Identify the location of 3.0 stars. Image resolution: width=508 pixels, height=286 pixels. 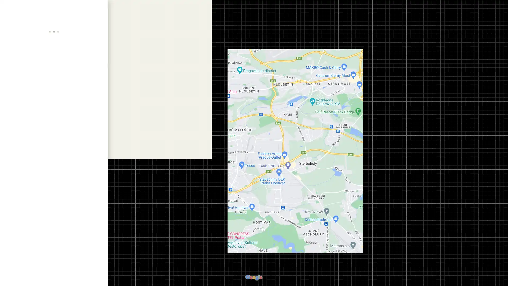
(19, 80).